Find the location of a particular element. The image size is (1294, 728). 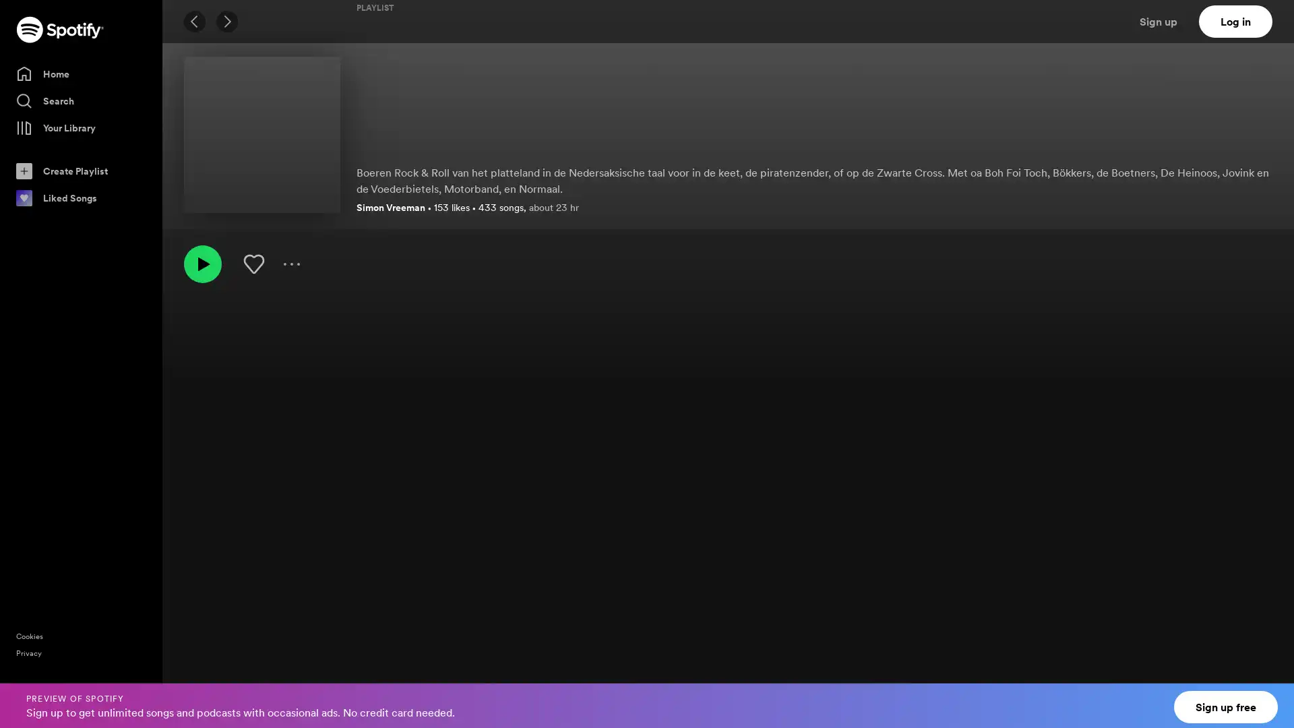

Close is located at coordinates (1271, 697).